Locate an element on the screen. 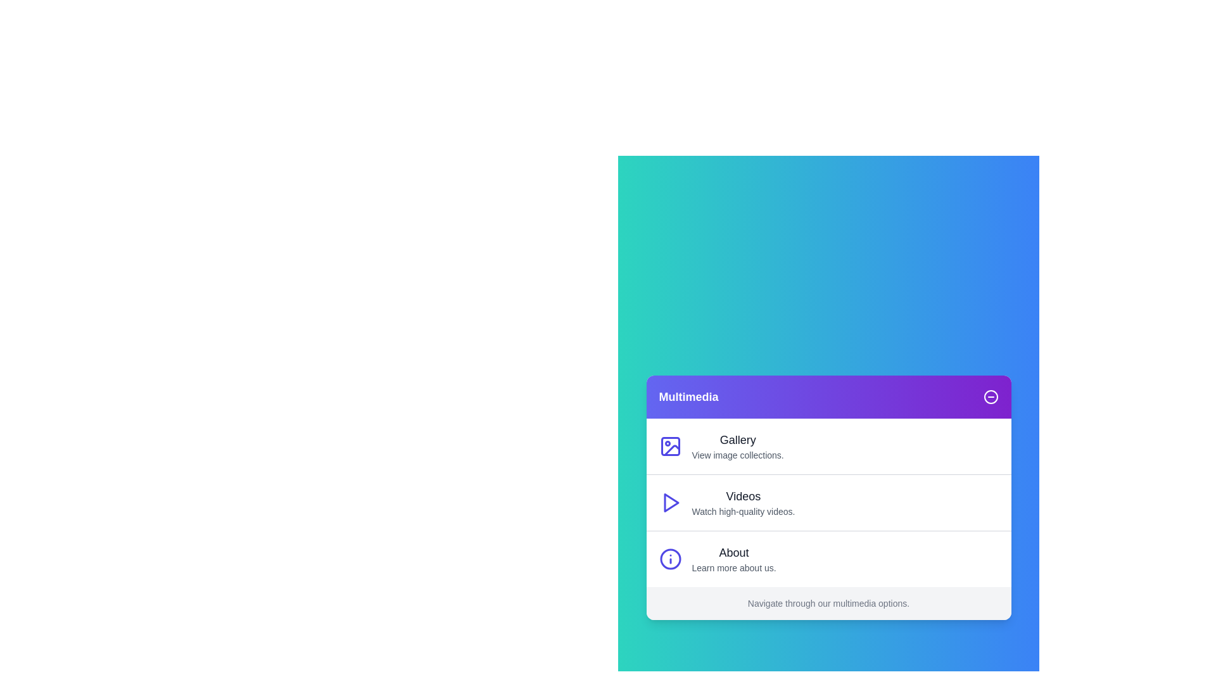  the icon associated with the menu item About is located at coordinates (669, 559).